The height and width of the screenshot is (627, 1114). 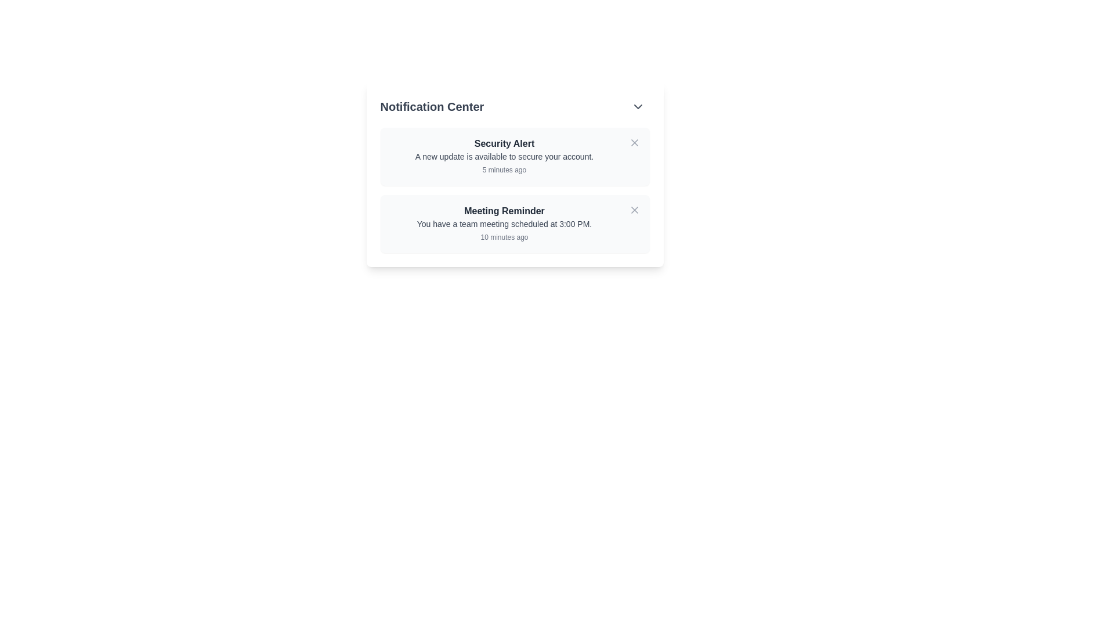 I want to click on the 'X' icon on the right side of the 'Security Alert' notification, so click(x=634, y=142).